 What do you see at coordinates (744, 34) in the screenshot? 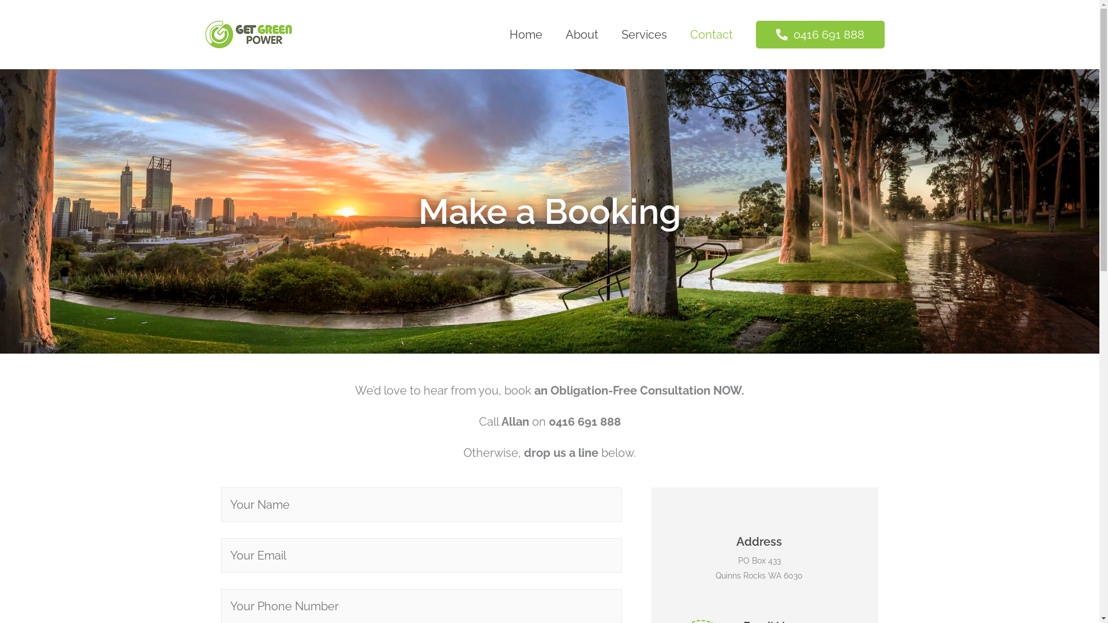
I see `'  0416 691 888'` at bounding box center [744, 34].